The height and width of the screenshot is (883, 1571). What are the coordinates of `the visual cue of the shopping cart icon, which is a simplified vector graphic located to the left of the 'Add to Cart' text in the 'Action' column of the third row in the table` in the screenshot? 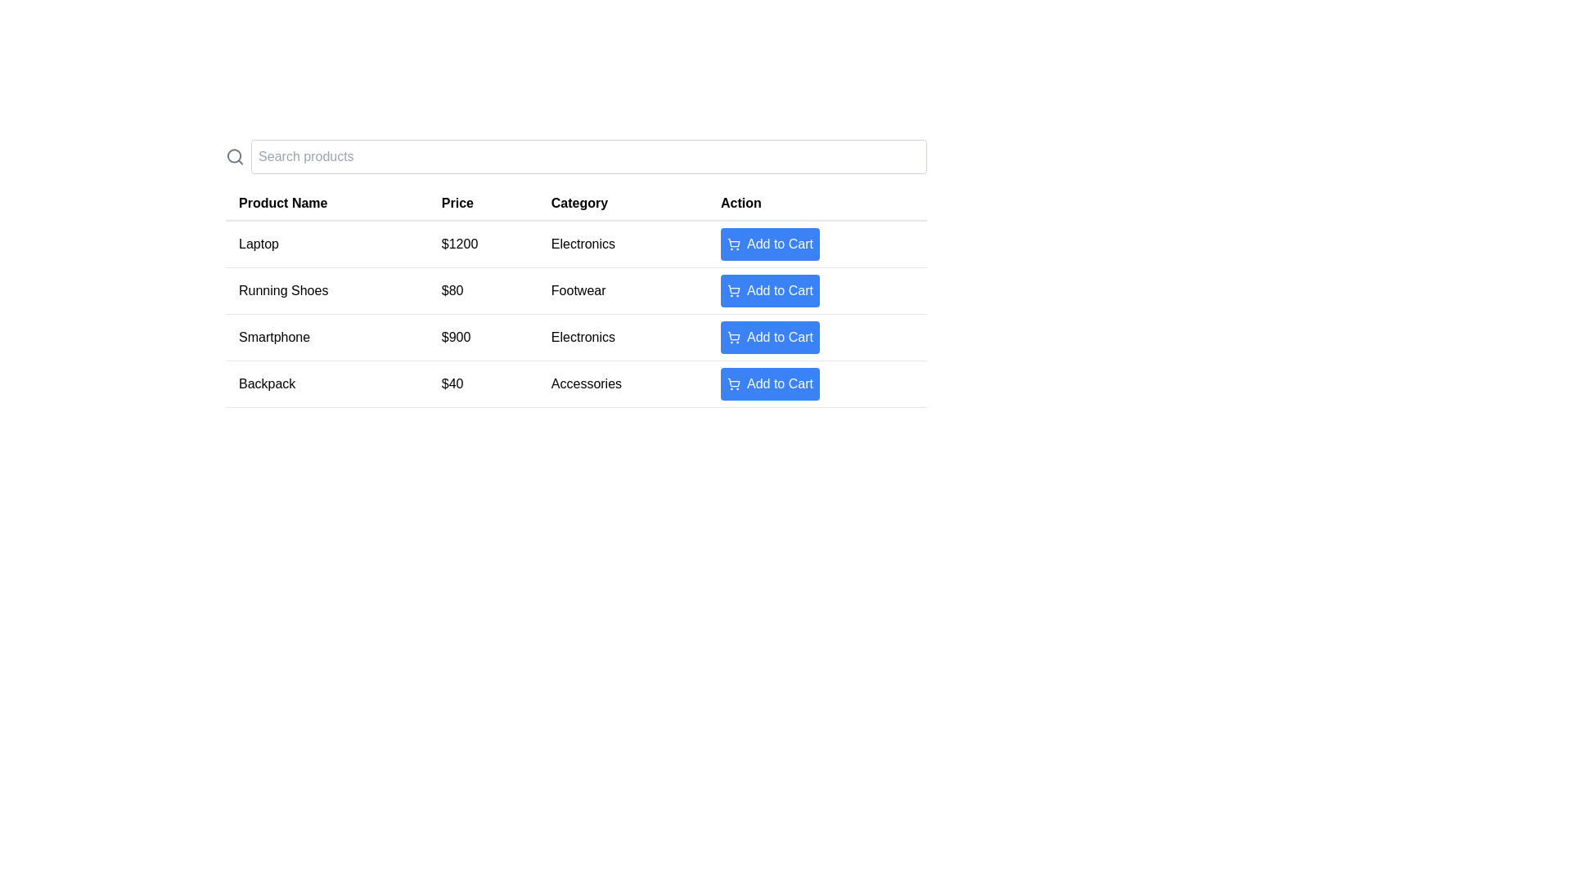 It's located at (733, 335).